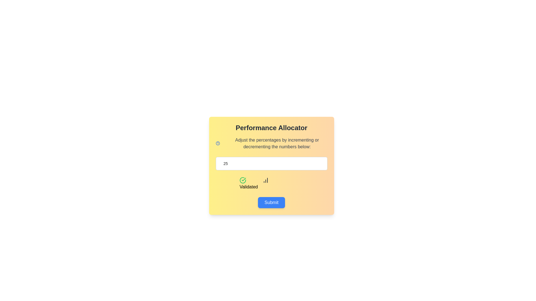 The image size is (536, 301). What do you see at coordinates (265, 180) in the screenshot?
I see `the performance data icon located at the lower center of the 'Performance Allocator' dialog box, positioned directly to the right of a green checkmark icon` at bounding box center [265, 180].